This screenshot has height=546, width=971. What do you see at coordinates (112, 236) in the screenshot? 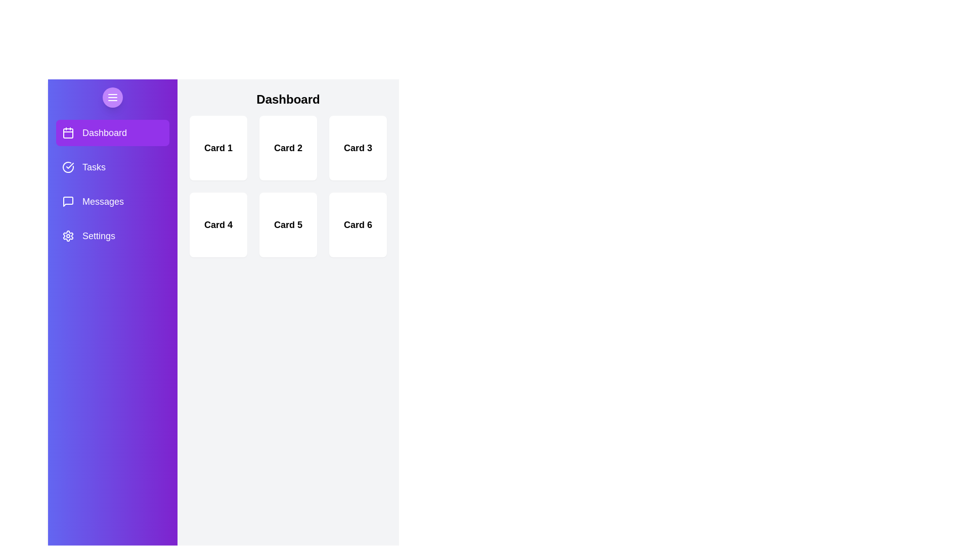
I see `the sidebar menu section labeled Settings` at bounding box center [112, 236].